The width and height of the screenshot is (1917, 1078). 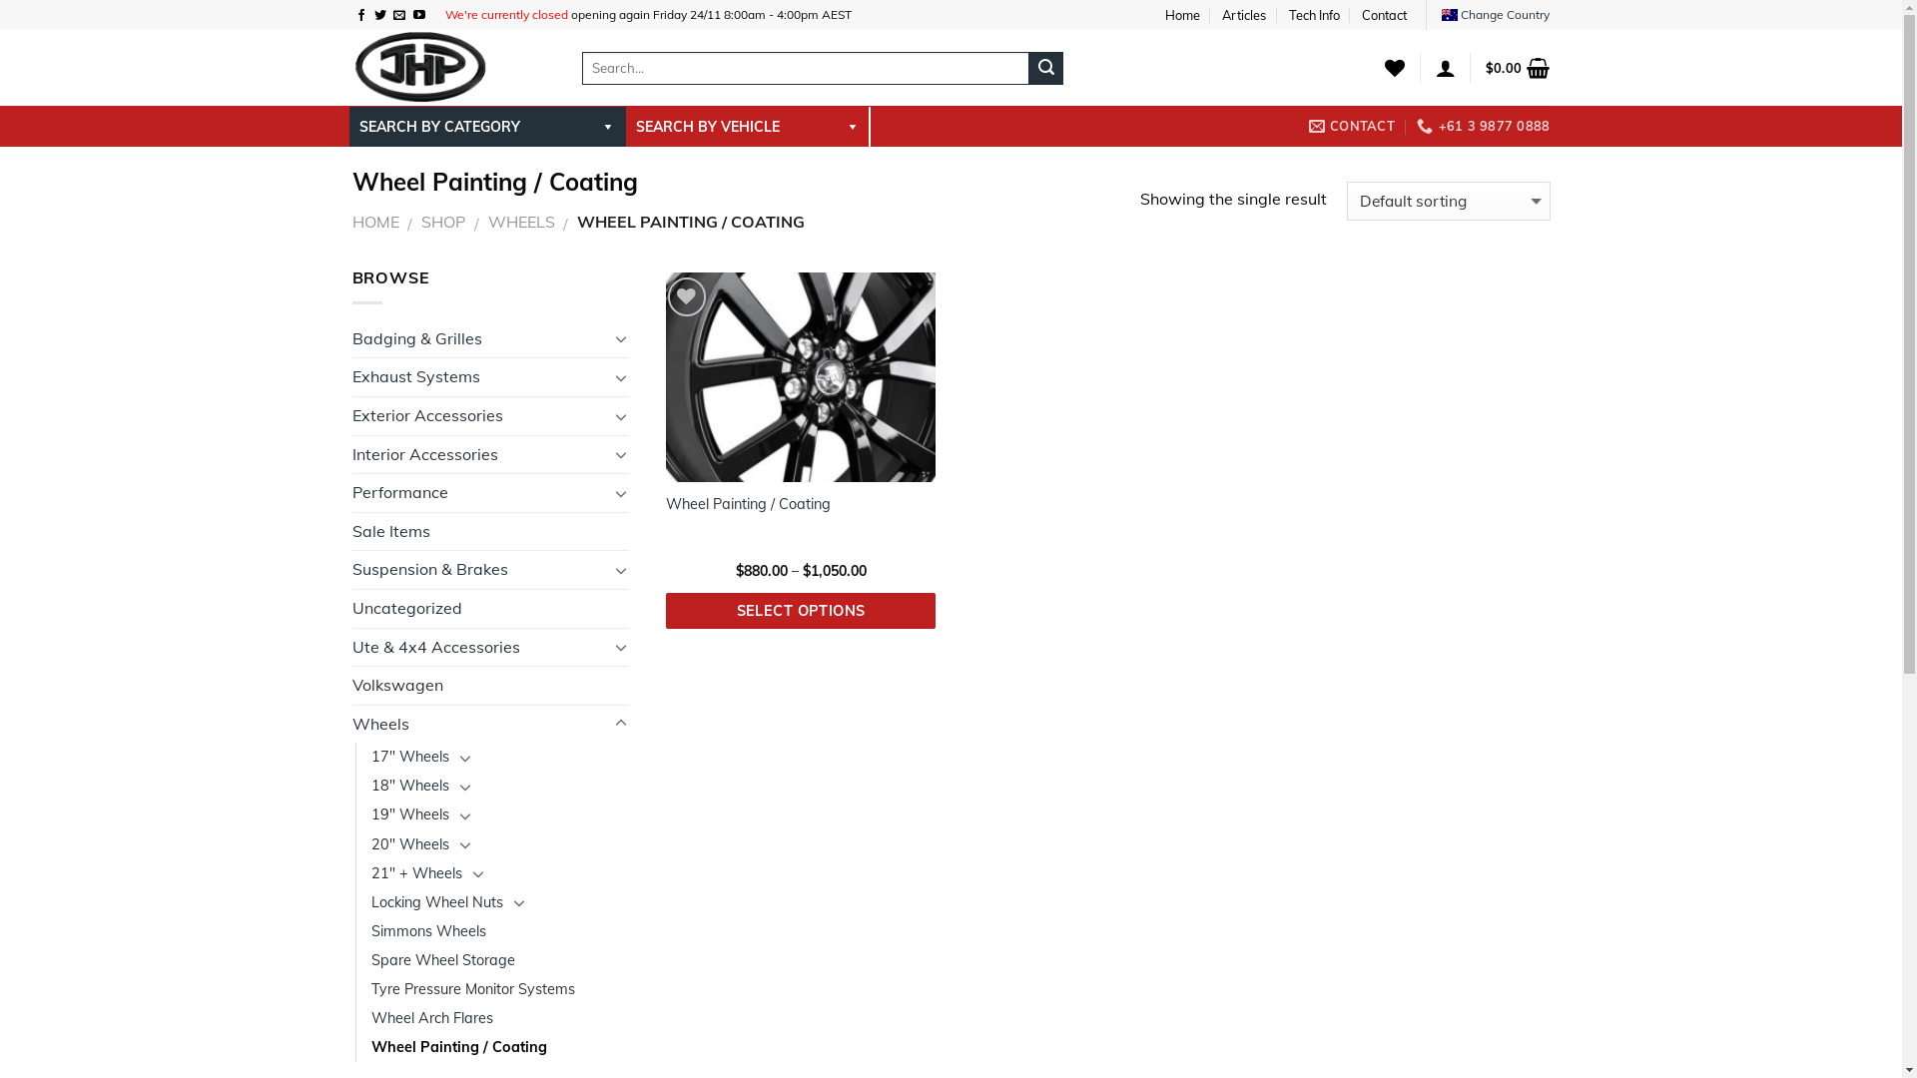 What do you see at coordinates (479, 454) in the screenshot?
I see `'Interior Accessories'` at bounding box center [479, 454].